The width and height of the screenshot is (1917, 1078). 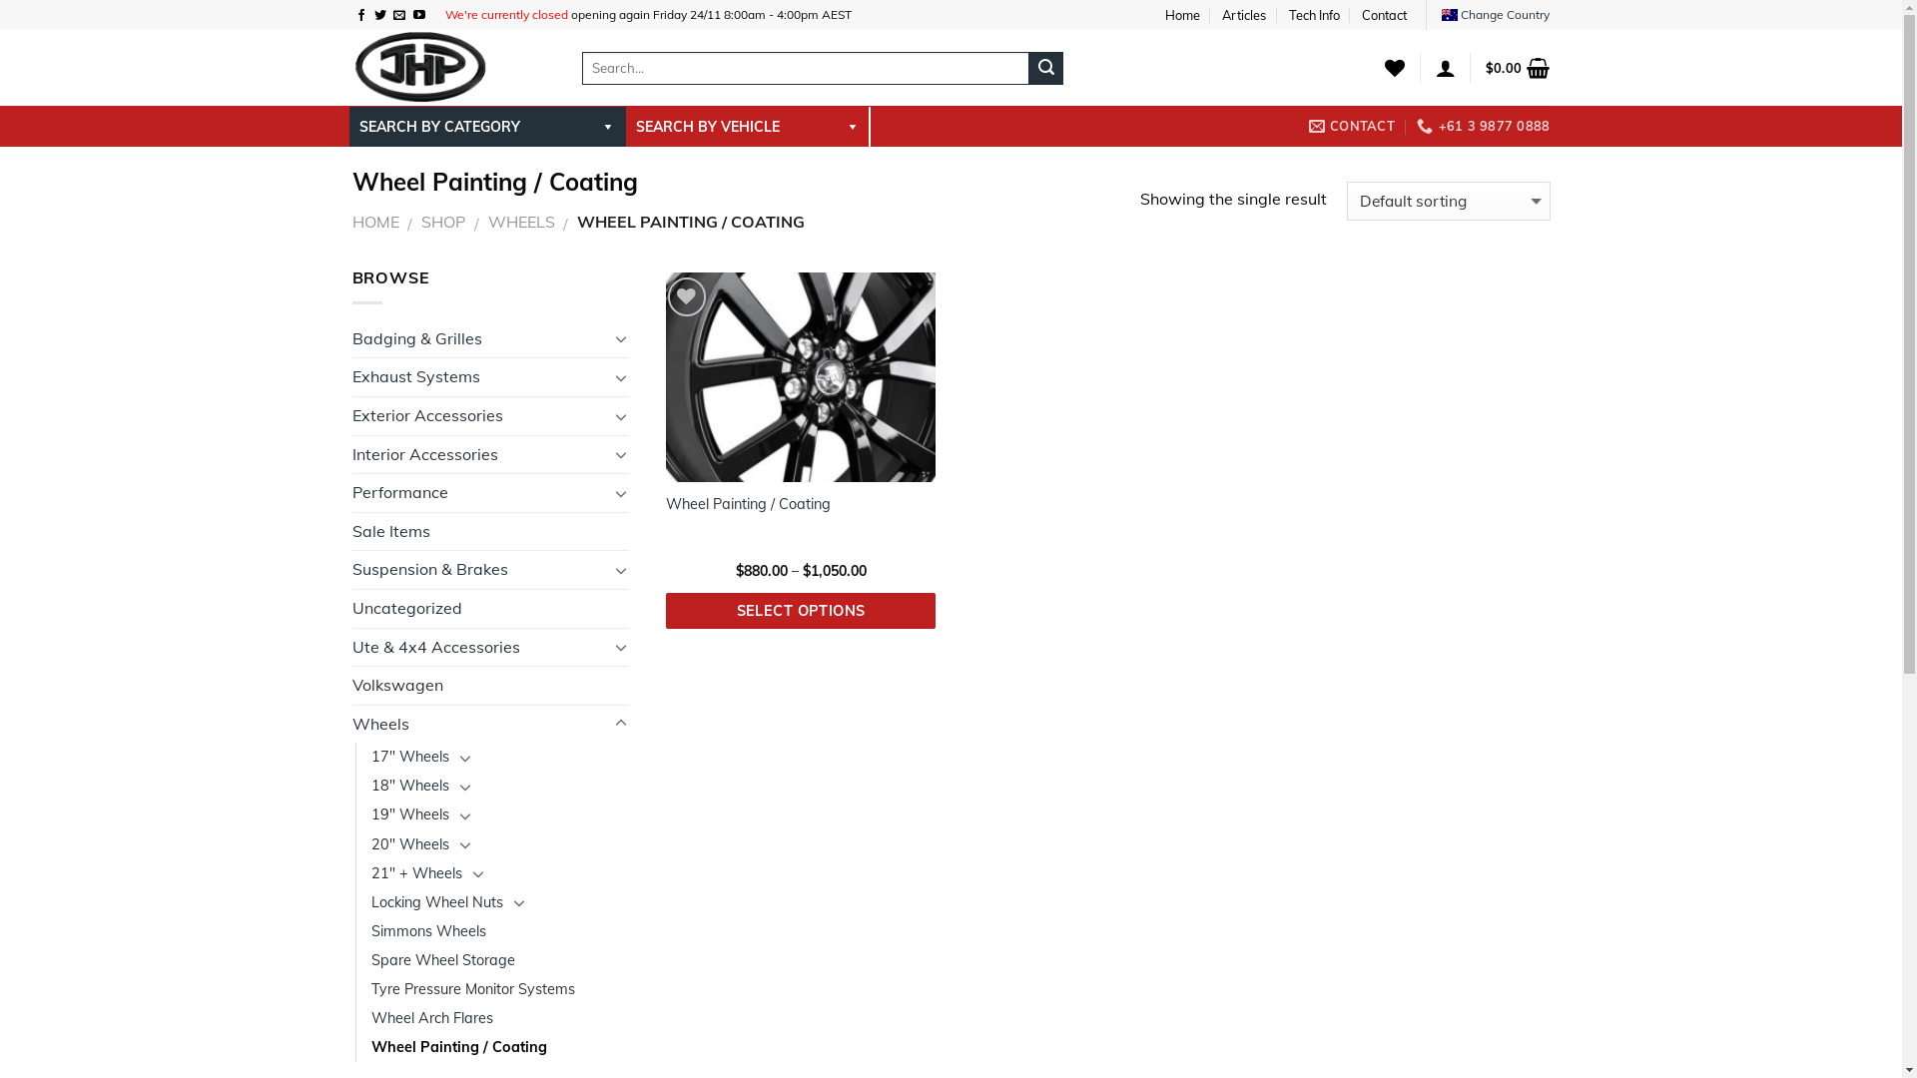 What do you see at coordinates (479, 454) in the screenshot?
I see `'Interior Accessories'` at bounding box center [479, 454].